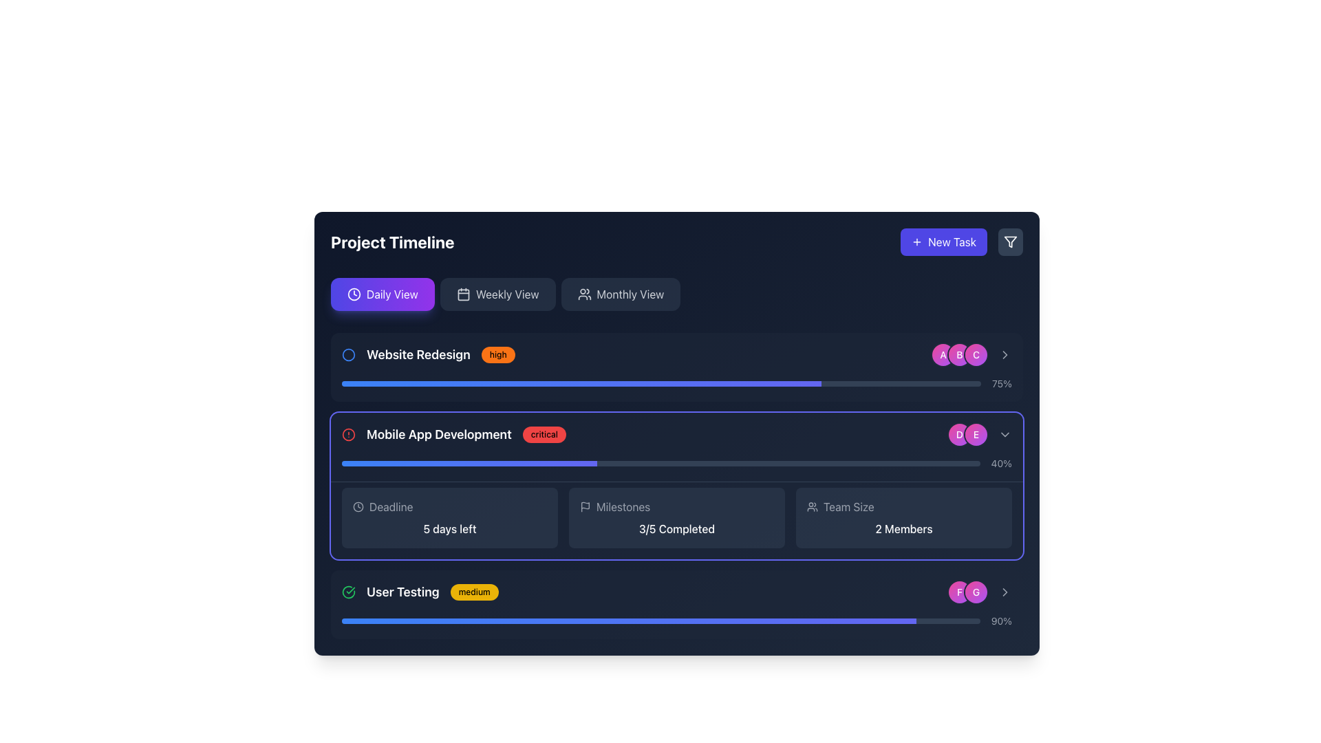 Image resolution: width=1321 pixels, height=743 pixels. I want to click on the 'Monthly View' button located in the top-right corner of the navigation buttons, so click(584, 294).